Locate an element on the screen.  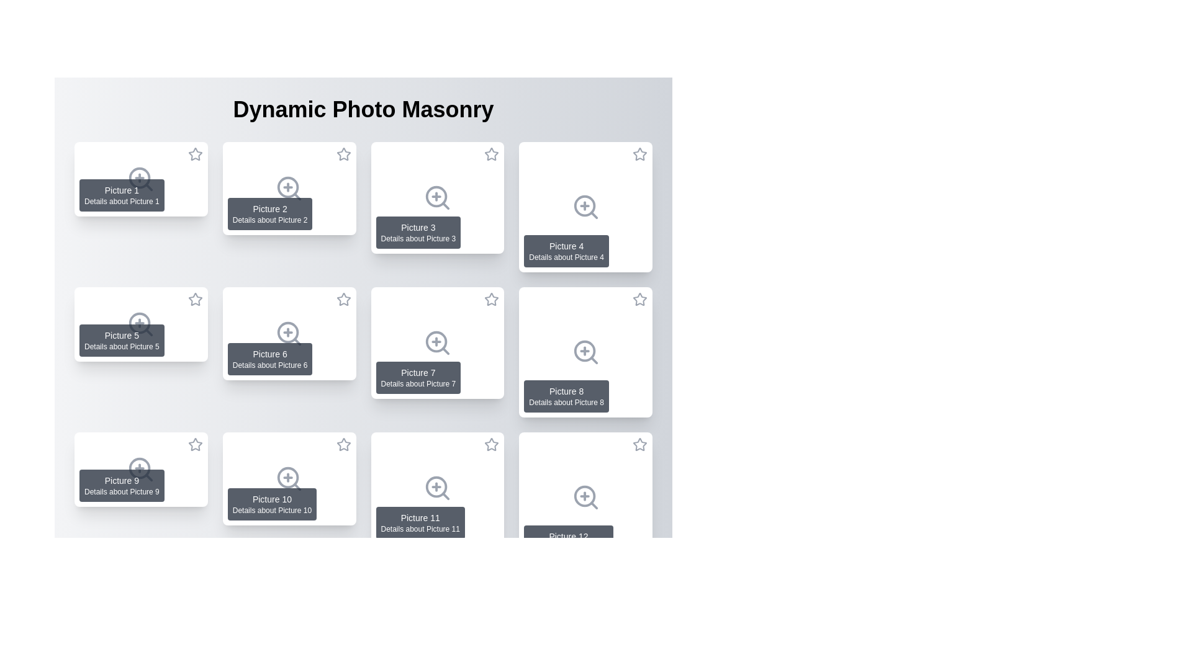
information displayed in the 'Picture 3' text label, which includes the title and subtitle on a dark, semi-transparent background located at the bottom-left corner of the card in the third column of the grid layout is located at coordinates (418, 232).